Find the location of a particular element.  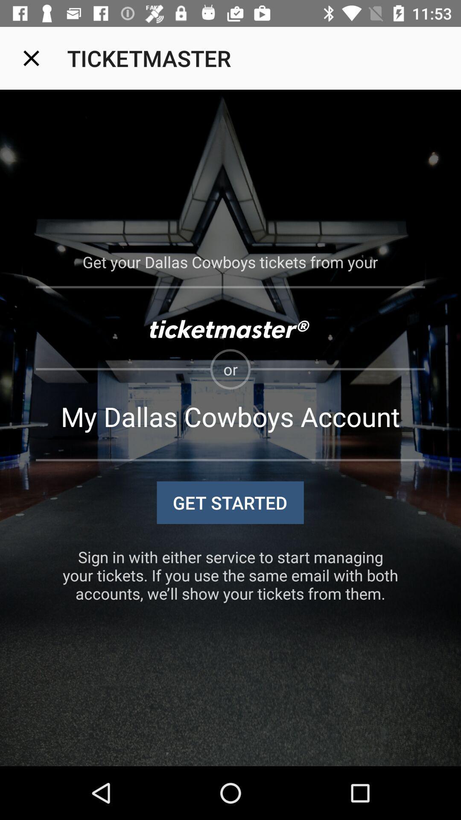

the window is located at coordinates (31, 58).